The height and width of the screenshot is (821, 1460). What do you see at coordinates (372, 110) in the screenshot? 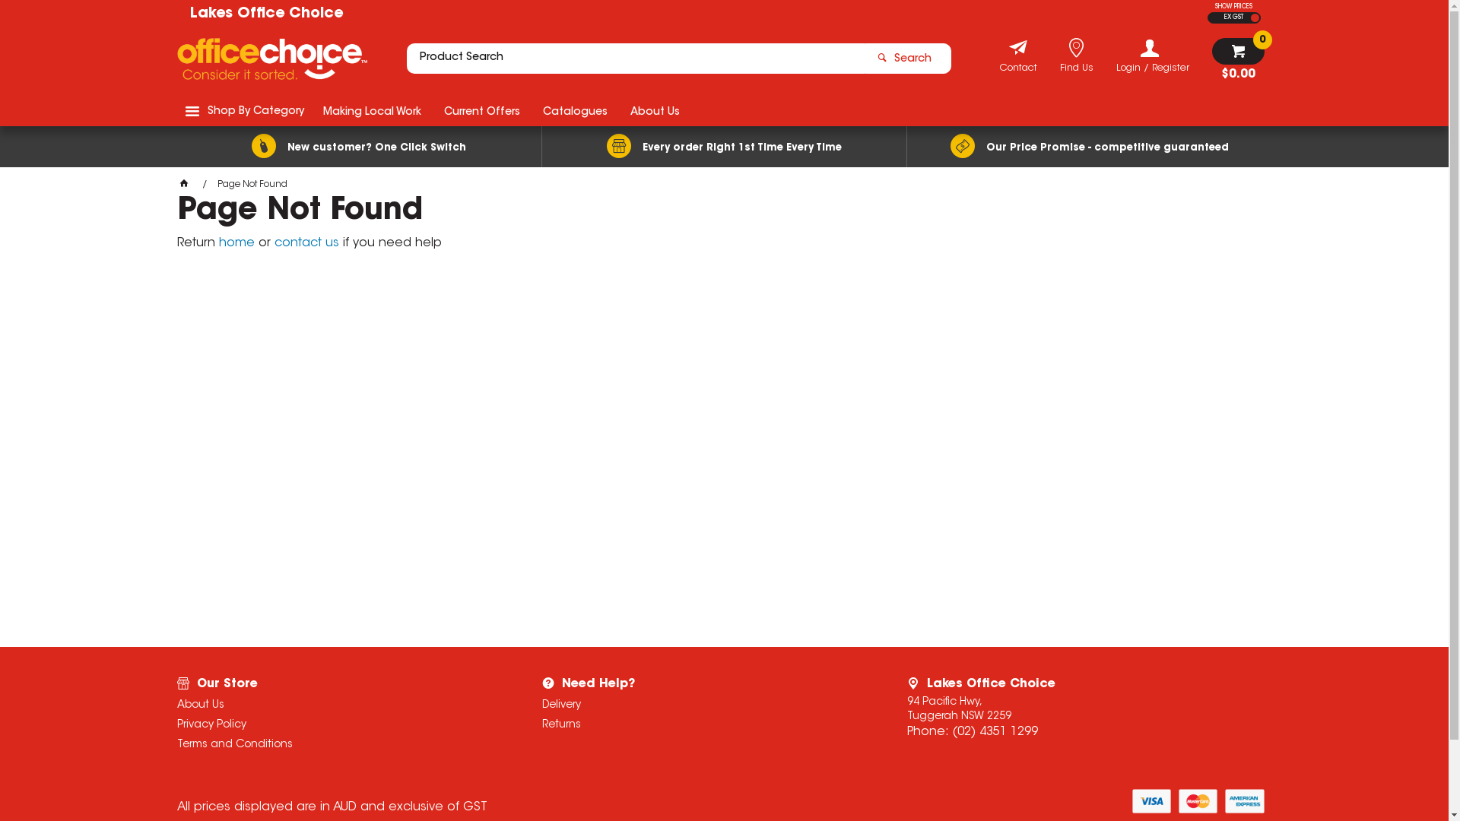
I see `'Making Local Work'` at bounding box center [372, 110].